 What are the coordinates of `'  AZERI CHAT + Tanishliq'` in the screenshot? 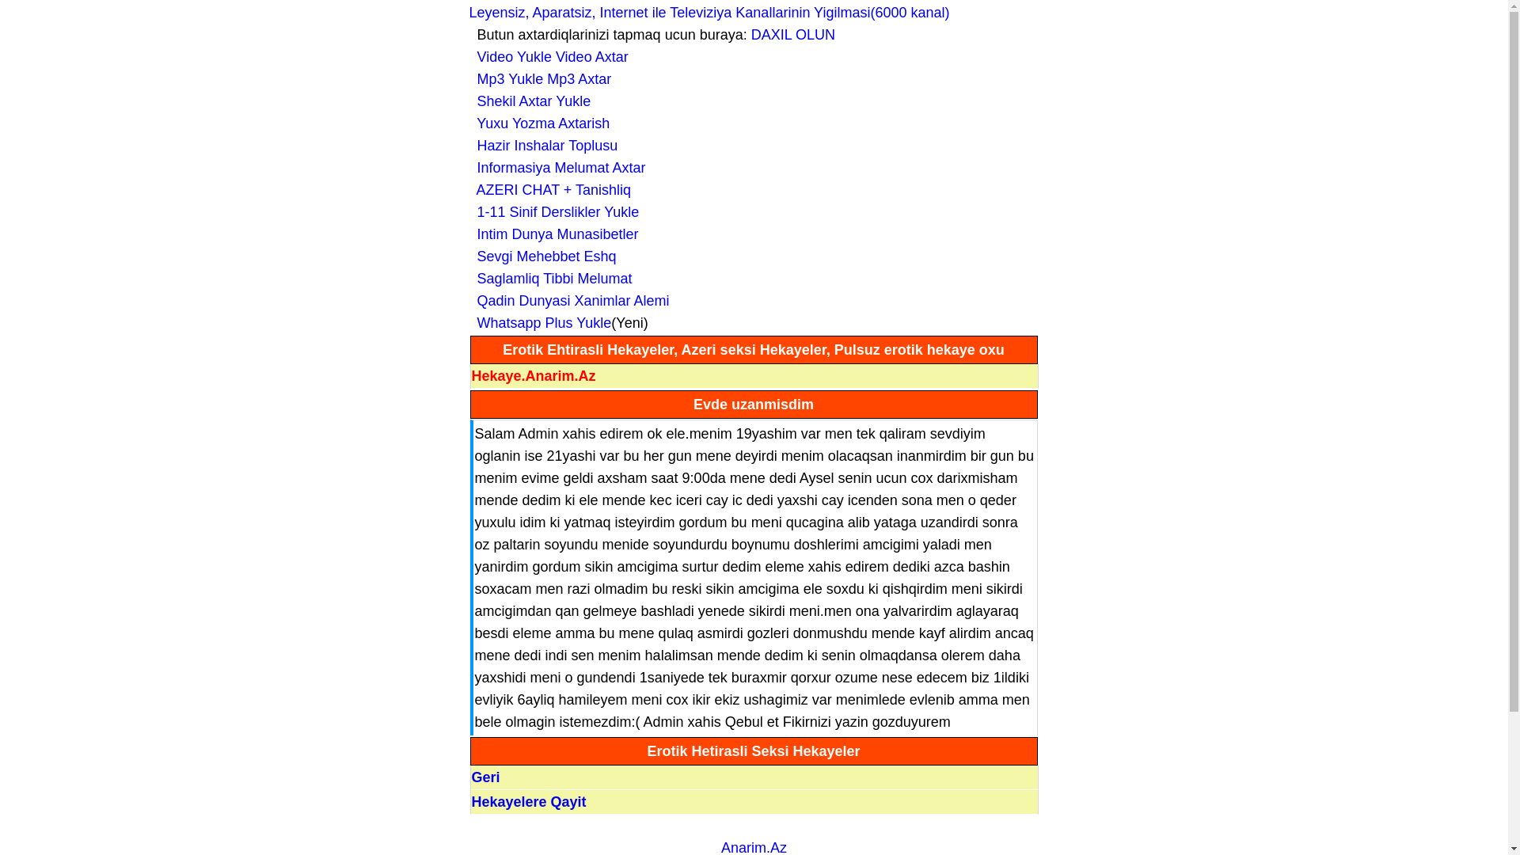 It's located at (549, 188).